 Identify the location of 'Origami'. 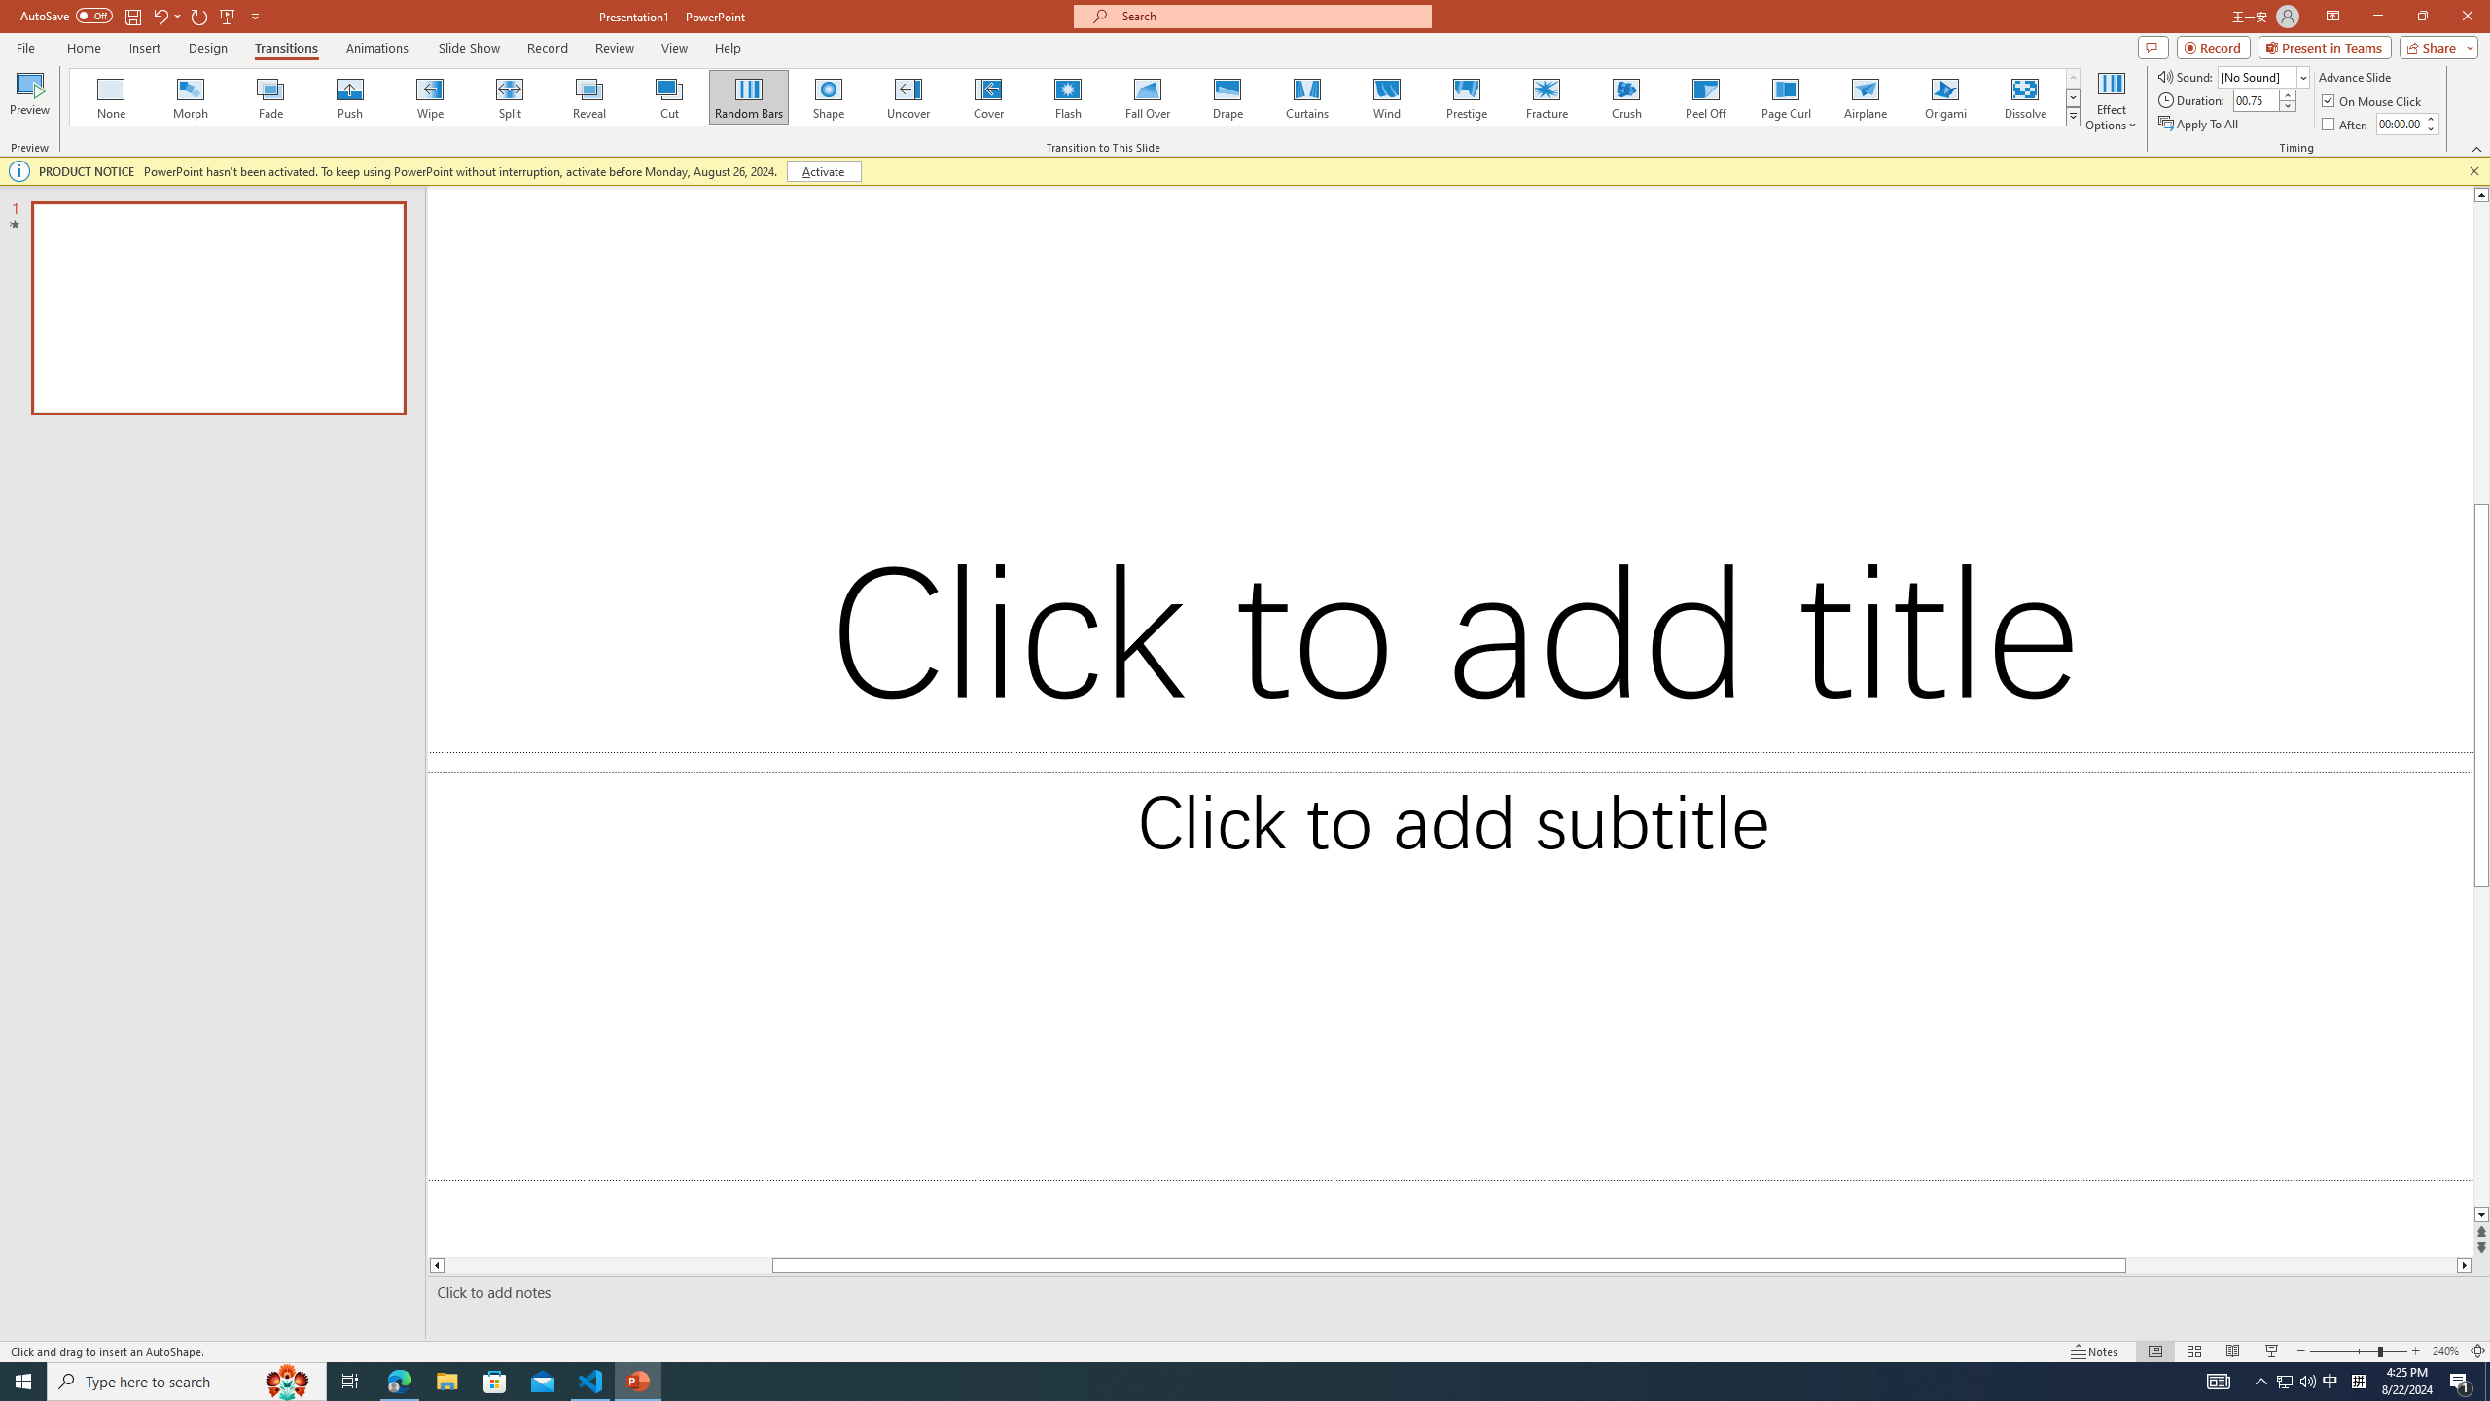
(1943, 96).